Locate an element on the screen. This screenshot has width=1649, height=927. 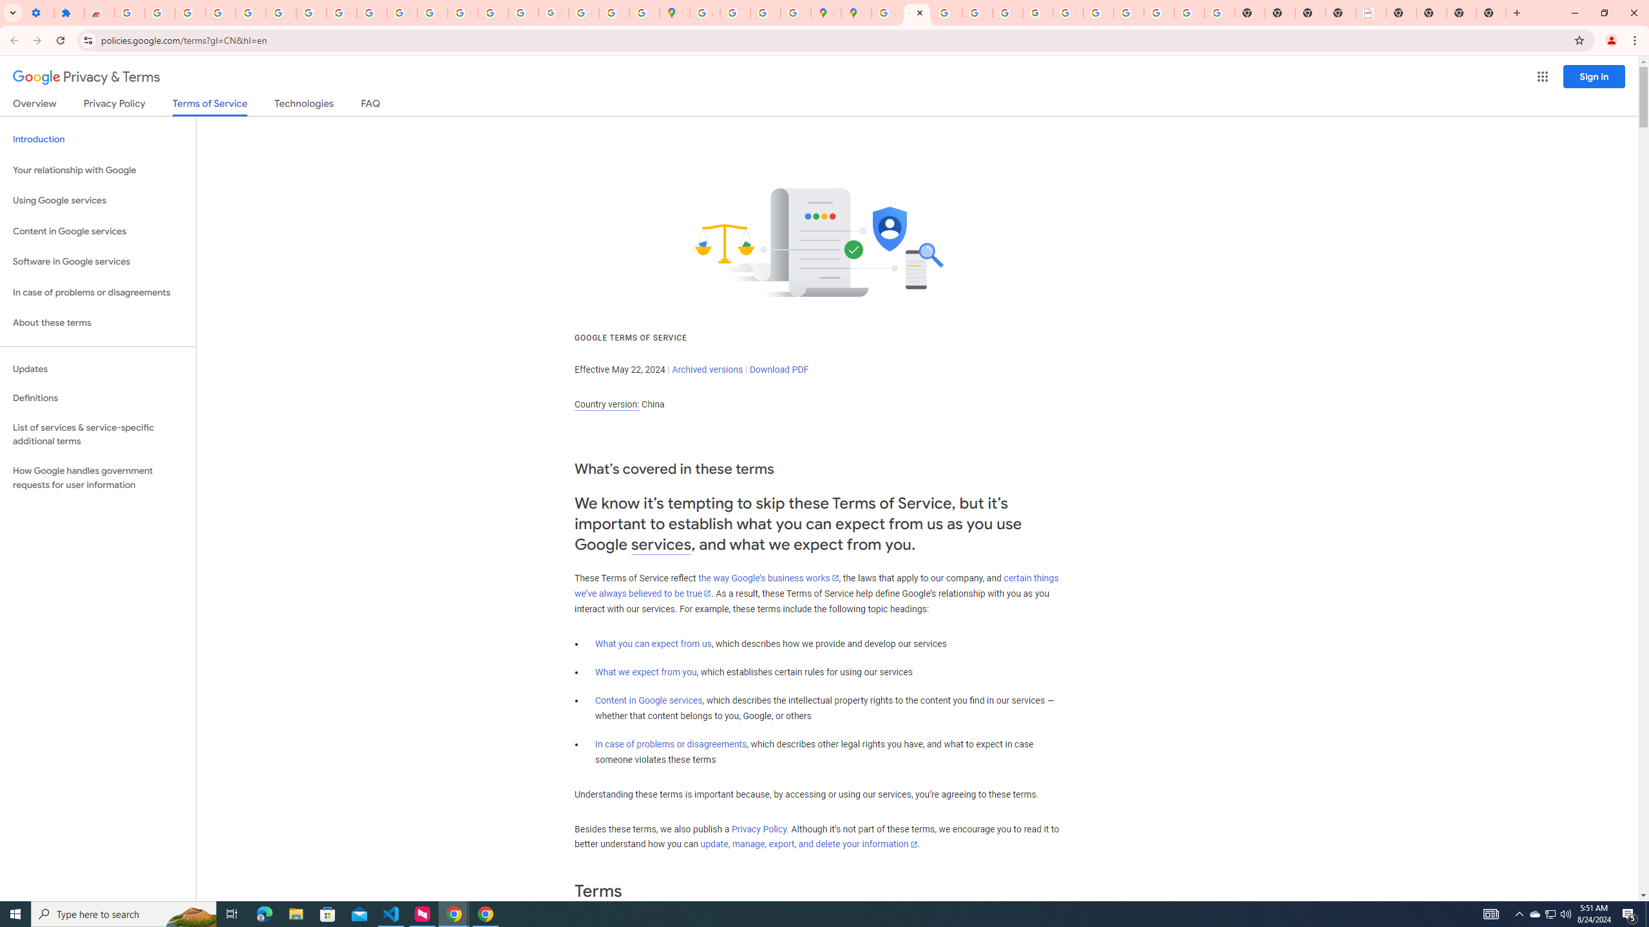
'New Tab' is located at coordinates (1491, 12).